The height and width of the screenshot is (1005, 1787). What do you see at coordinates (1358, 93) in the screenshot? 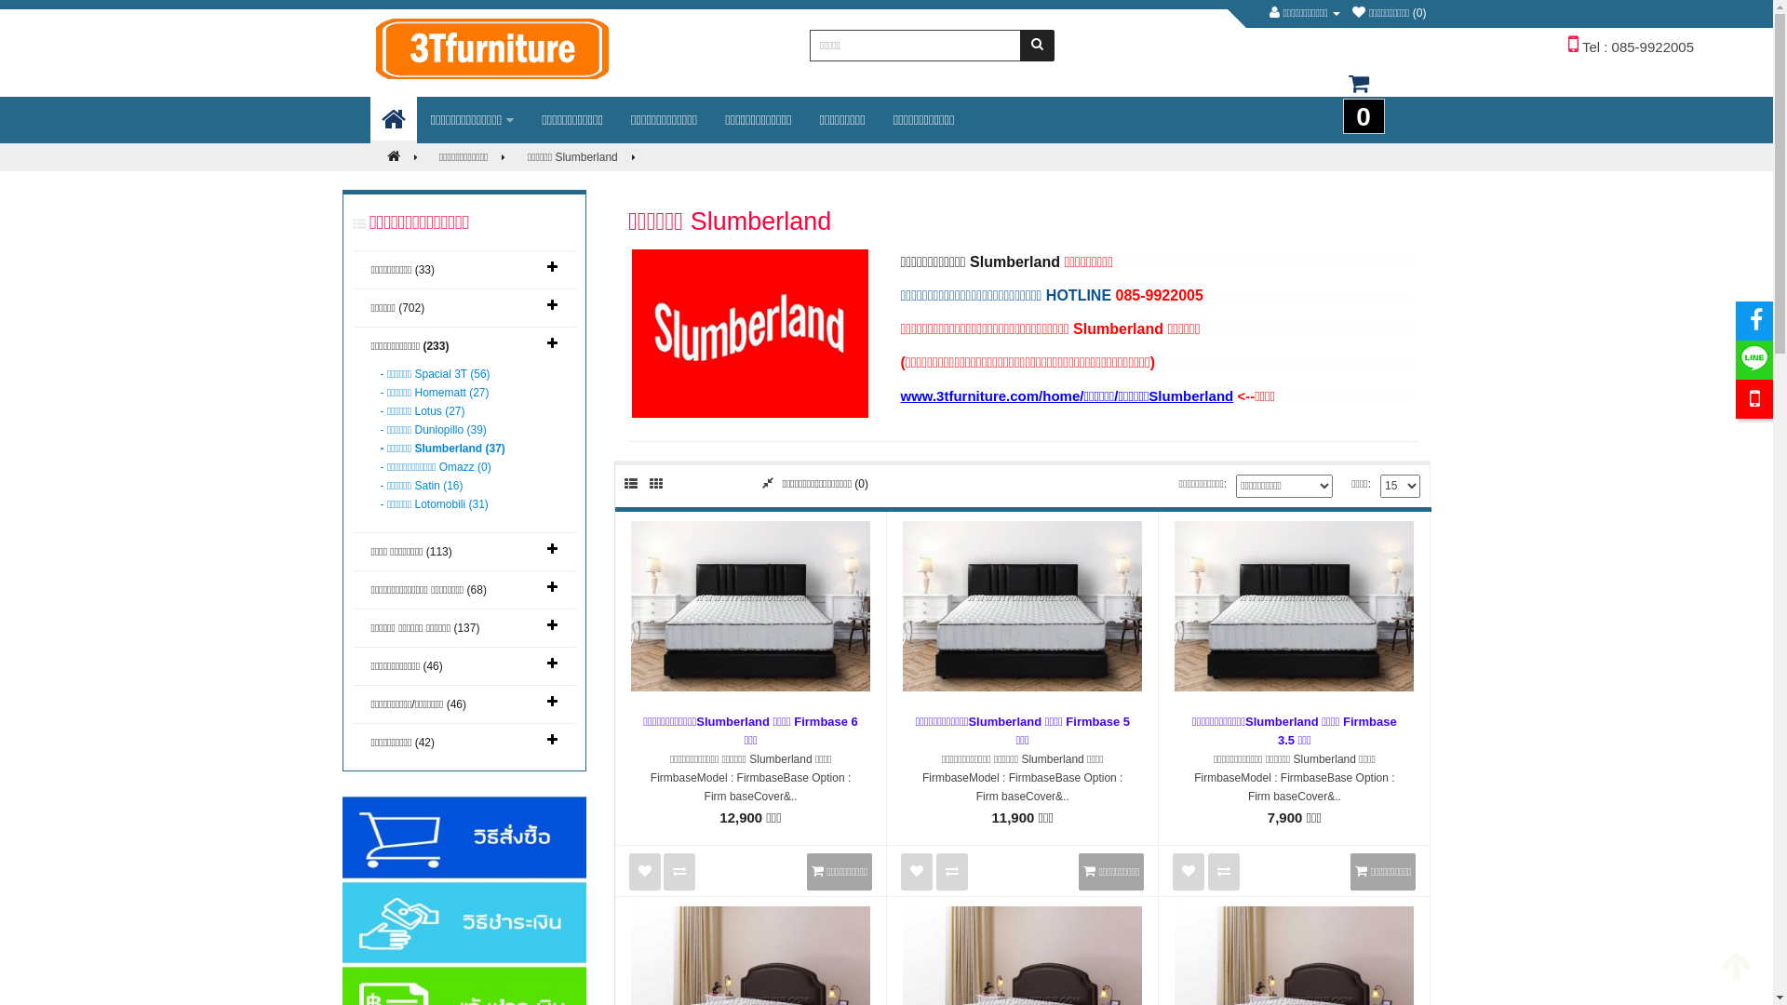
I see `'0'` at bounding box center [1358, 93].